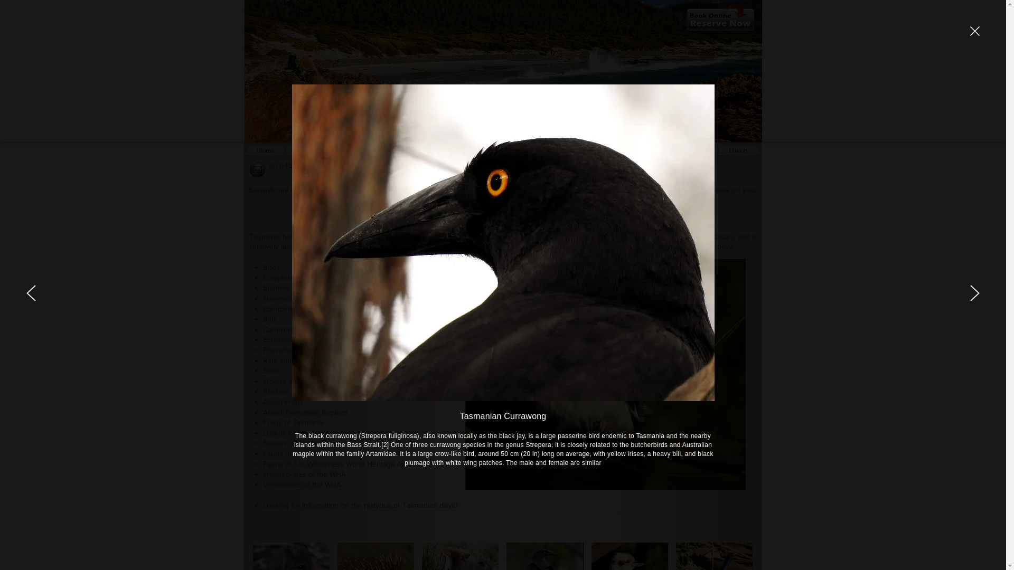 This screenshot has width=1014, height=570. Describe the element at coordinates (295, 443) in the screenshot. I see `'Snakes of Tasmania'` at that location.